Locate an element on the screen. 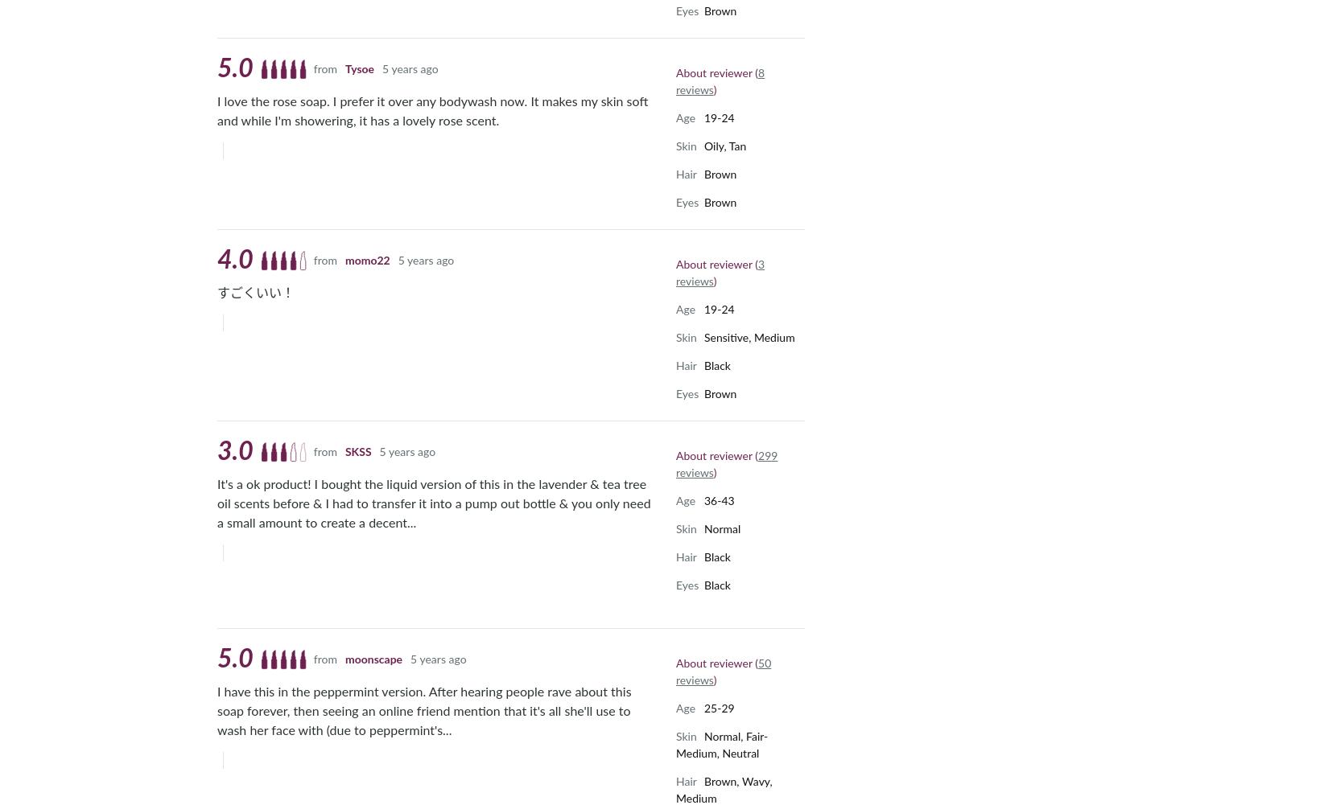 The image size is (1328, 805). '4.0' is located at coordinates (217, 260).